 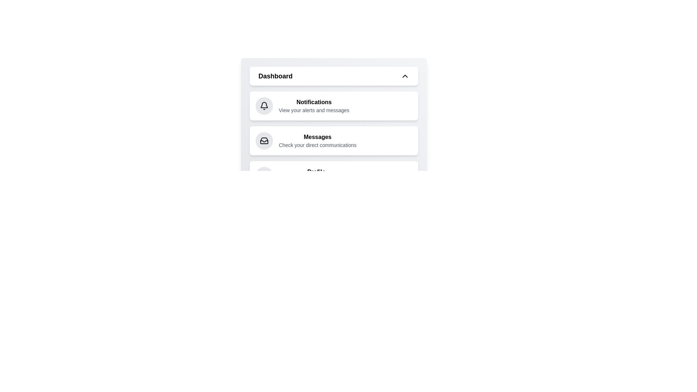 What do you see at coordinates (317, 137) in the screenshot?
I see `the text of the menu item Messages` at bounding box center [317, 137].